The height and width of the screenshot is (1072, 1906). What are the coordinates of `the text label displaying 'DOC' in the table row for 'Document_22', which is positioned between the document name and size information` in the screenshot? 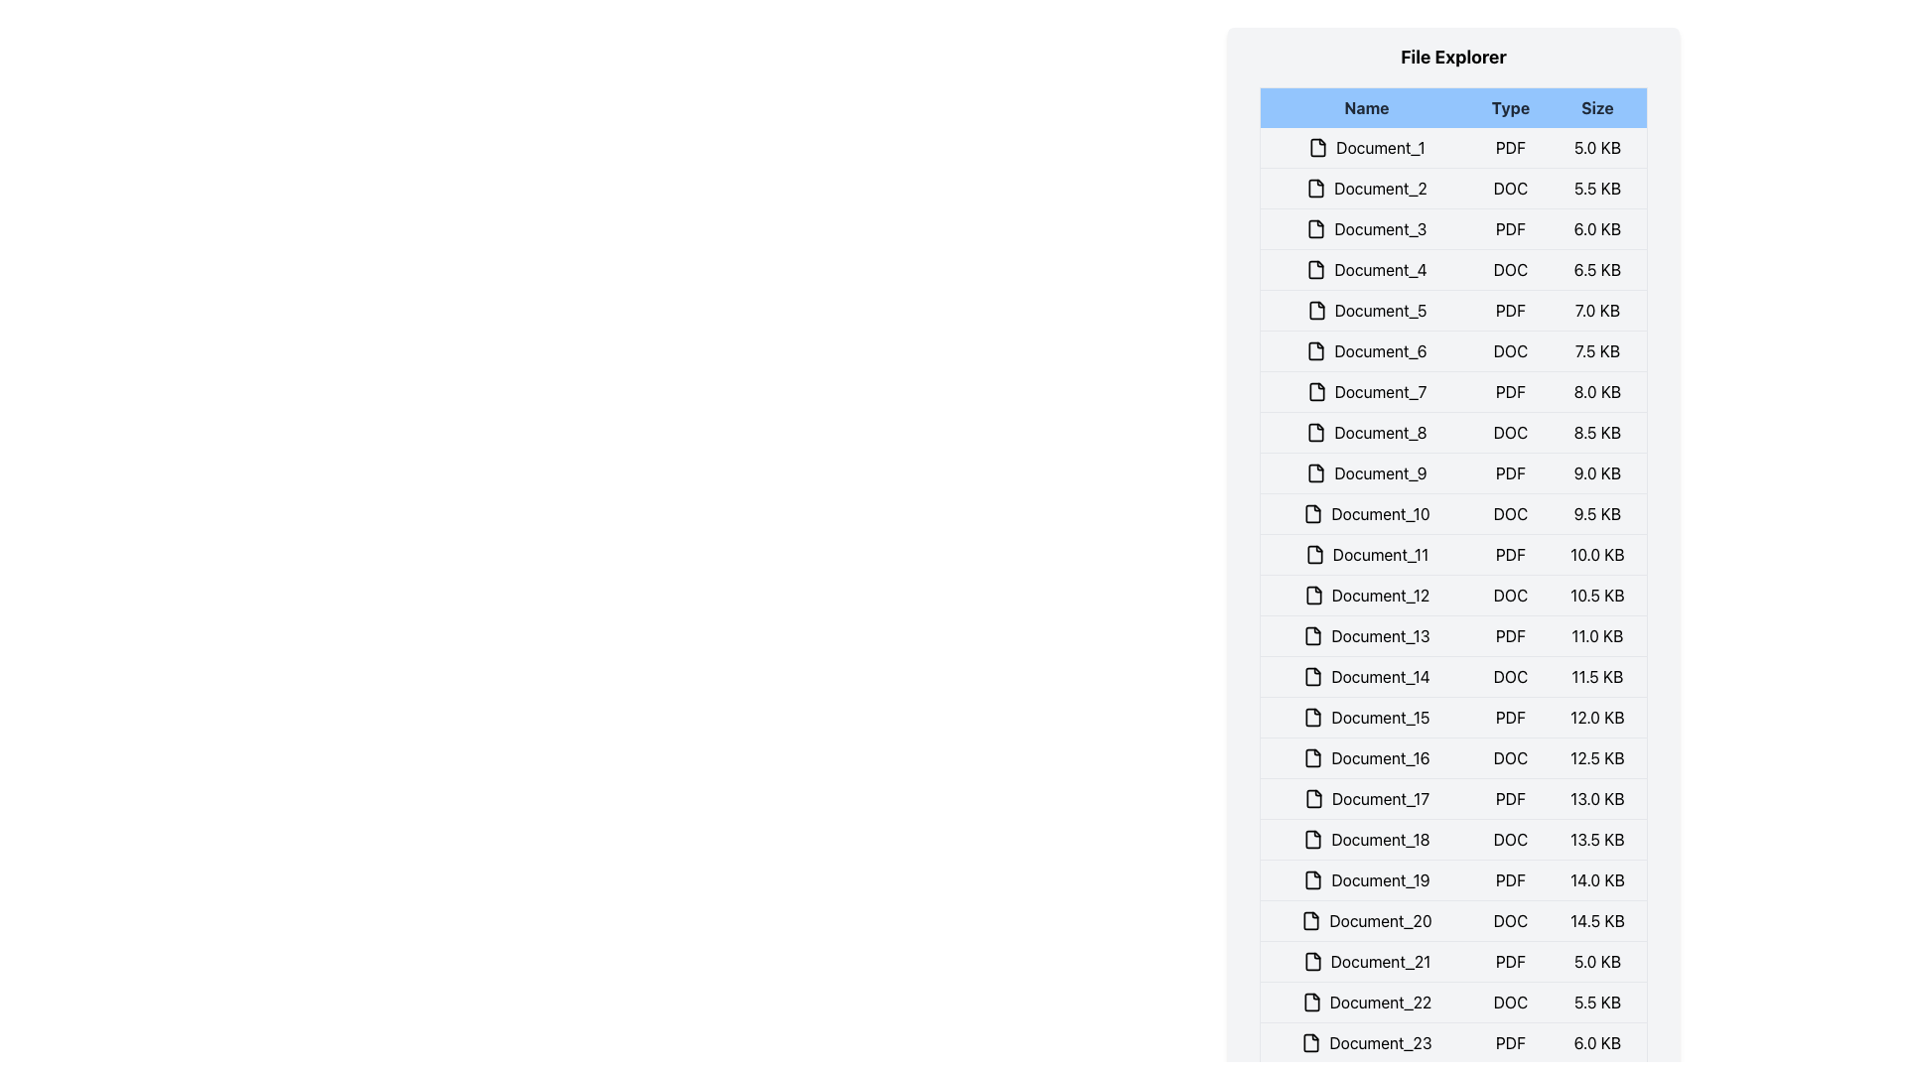 It's located at (1509, 1003).